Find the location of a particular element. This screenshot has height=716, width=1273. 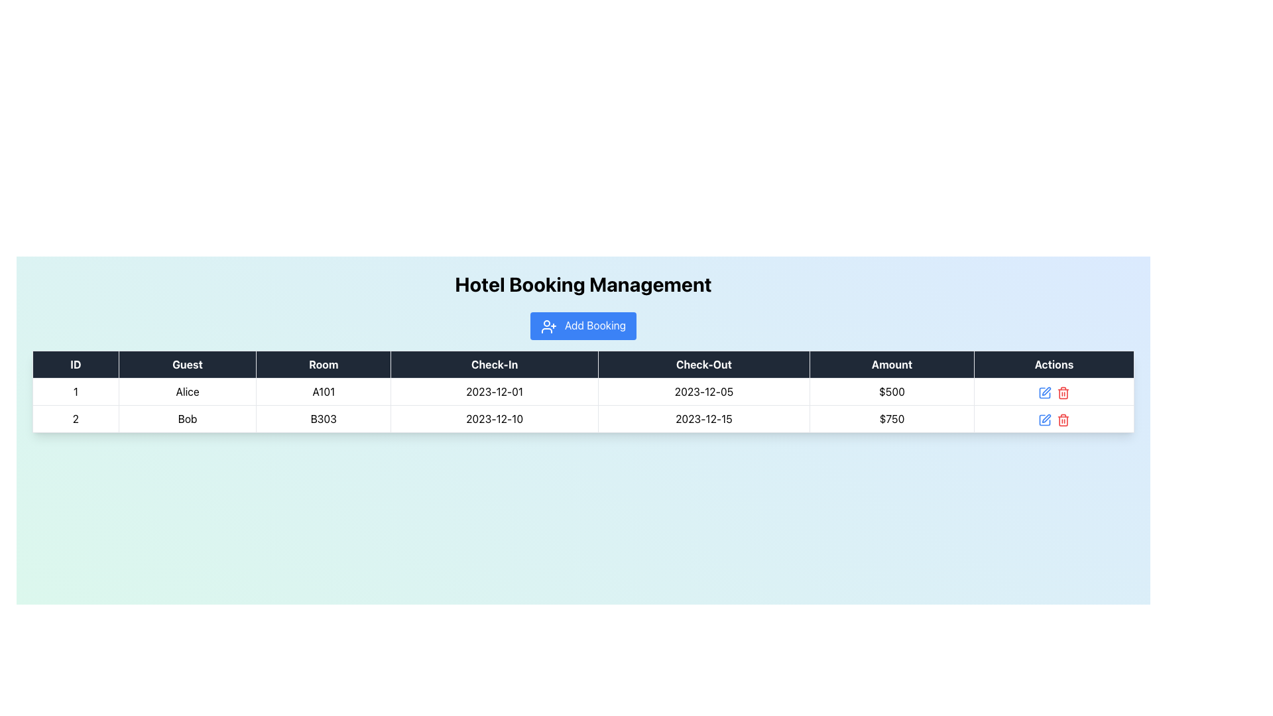

the trash icon element in the Actions column of the second row to initiate the delete action is located at coordinates (1063, 421).